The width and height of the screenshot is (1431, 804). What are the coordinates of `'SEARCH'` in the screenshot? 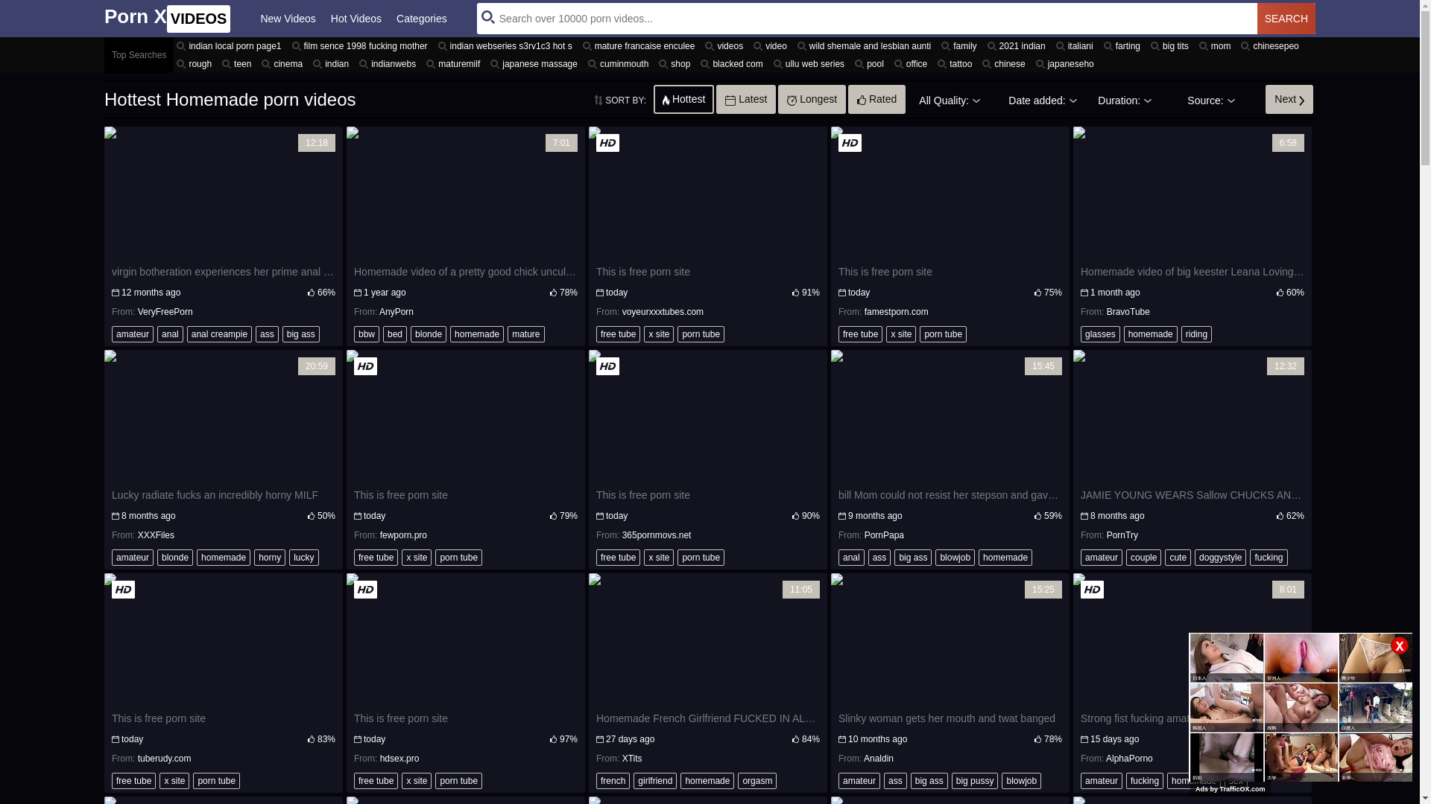 It's located at (1286, 18).